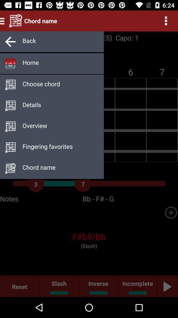  What do you see at coordinates (10, 148) in the screenshot?
I see `left of sixth option` at bounding box center [10, 148].